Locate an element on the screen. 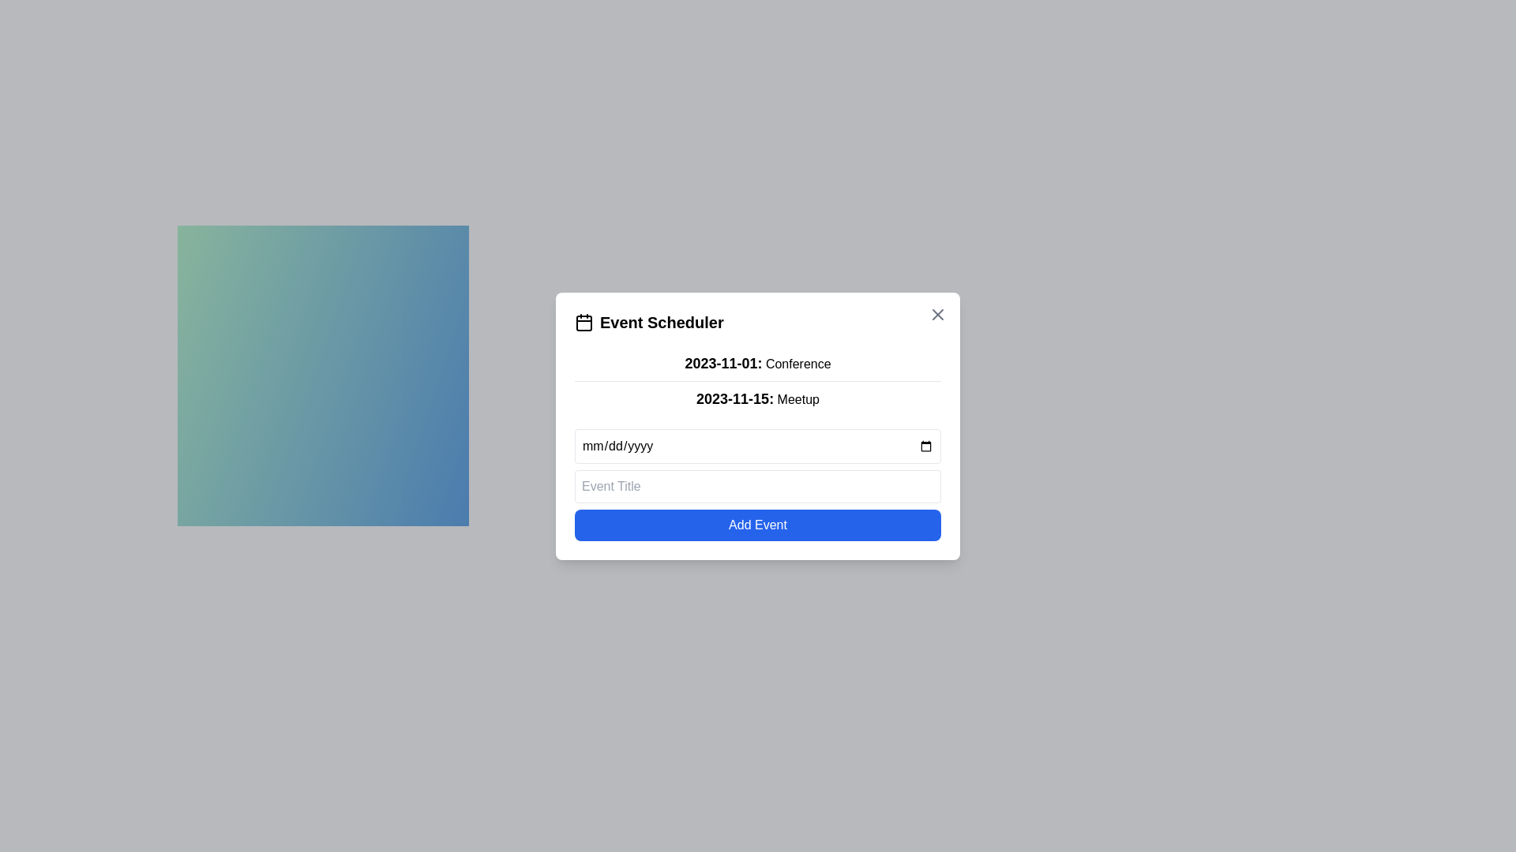 Image resolution: width=1516 pixels, height=852 pixels. the calendar icon located at the top-left corner of the 'Event Scheduler' panel, adjacent to the title text 'Event Scheduler' is located at coordinates (583, 321).